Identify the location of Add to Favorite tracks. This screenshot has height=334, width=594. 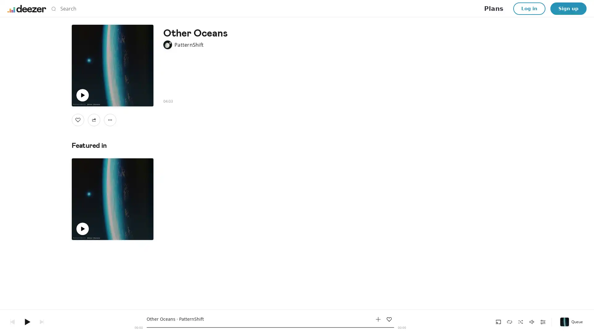
(98, 229).